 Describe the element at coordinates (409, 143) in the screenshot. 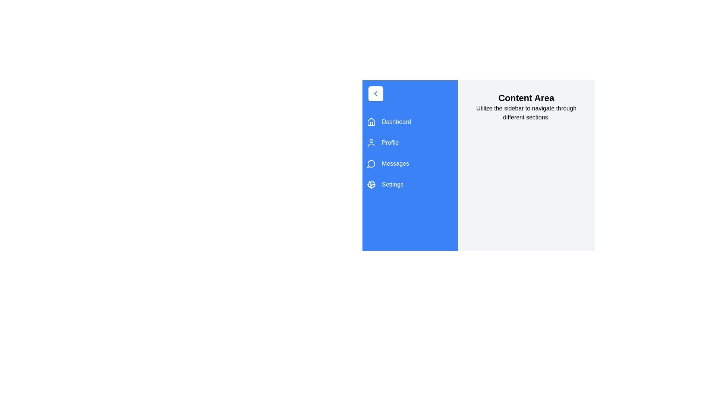

I see `the menu item labeled Profile` at that location.